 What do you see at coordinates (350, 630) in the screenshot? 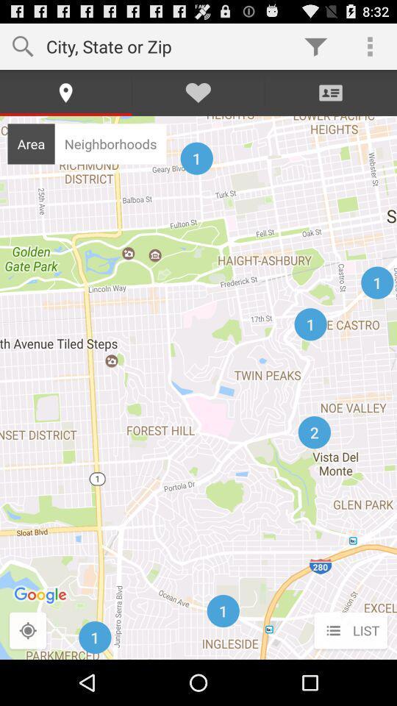
I see `item at the bottom right corner` at bounding box center [350, 630].